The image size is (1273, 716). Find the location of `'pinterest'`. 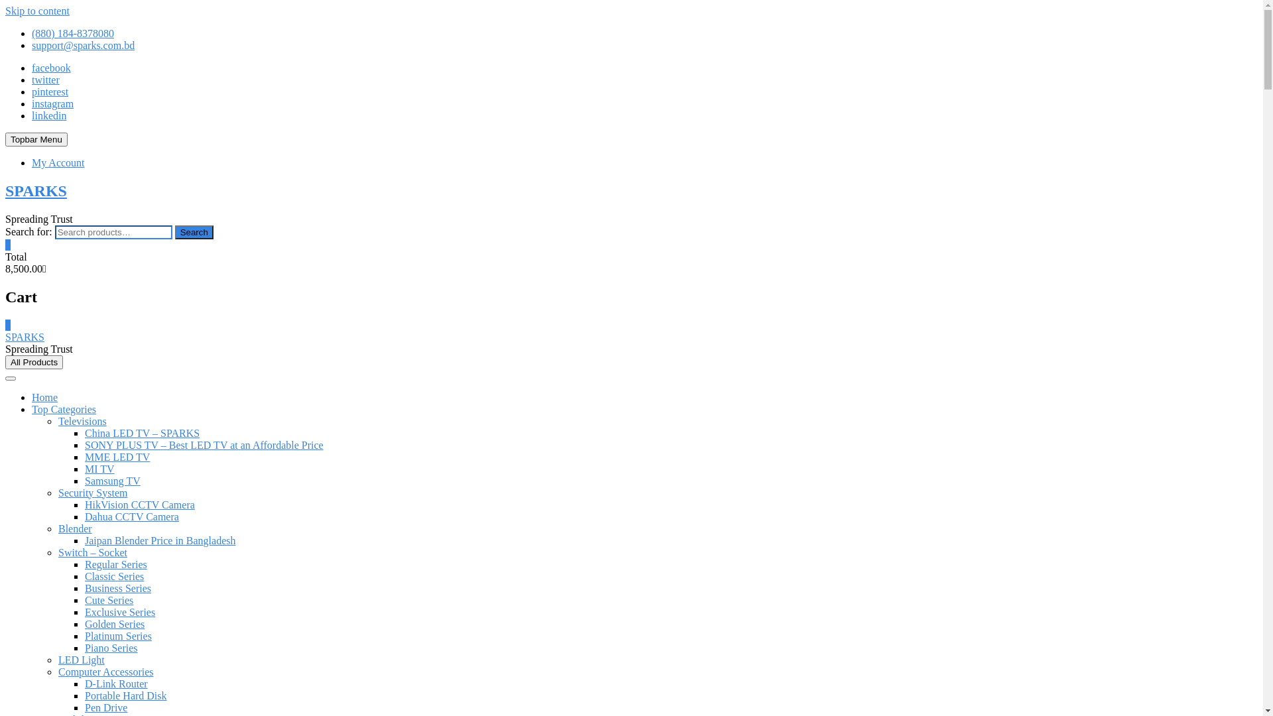

'pinterest' is located at coordinates (32, 91).